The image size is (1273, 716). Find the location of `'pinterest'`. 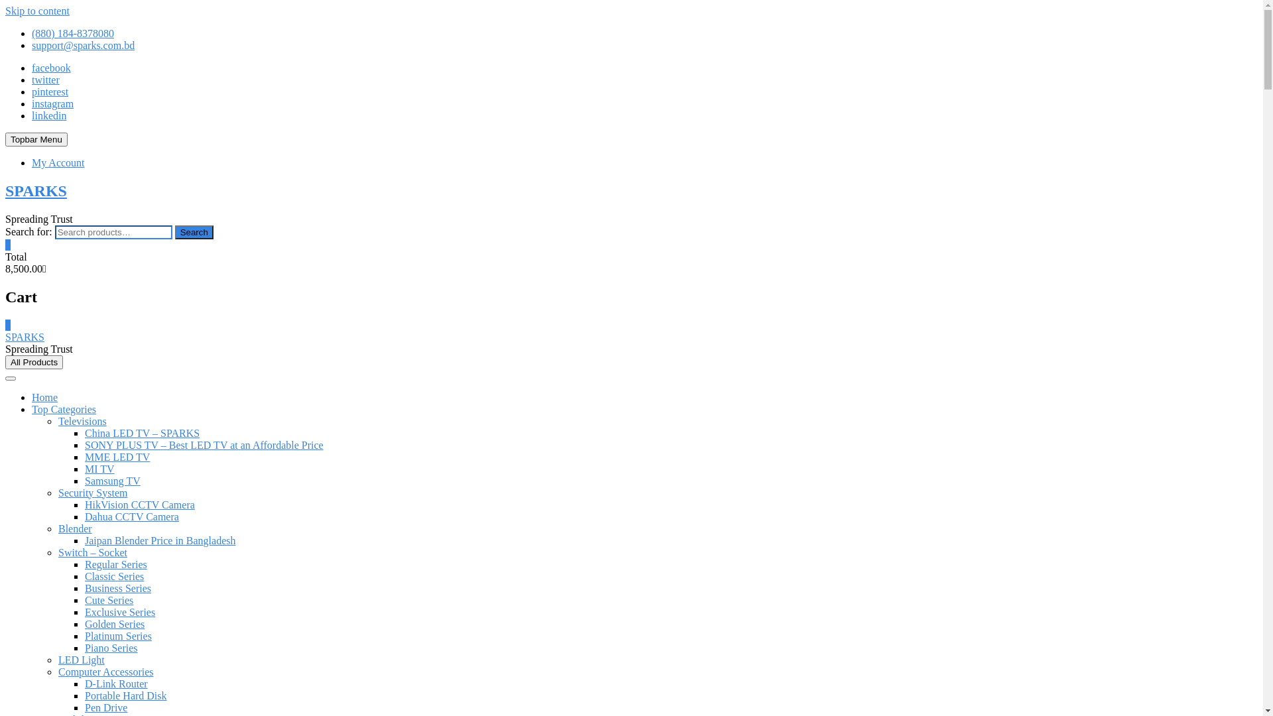

'pinterest' is located at coordinates (32, 91).